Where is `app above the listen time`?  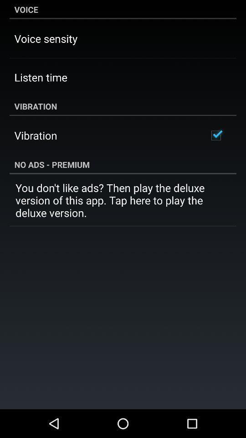 app above the listen time is located at coordinates (45, 38).